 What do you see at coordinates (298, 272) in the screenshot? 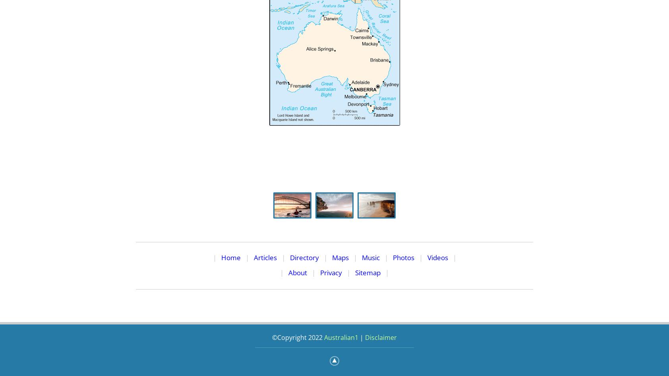
I see `'About'` at bounding box center [298, 272].